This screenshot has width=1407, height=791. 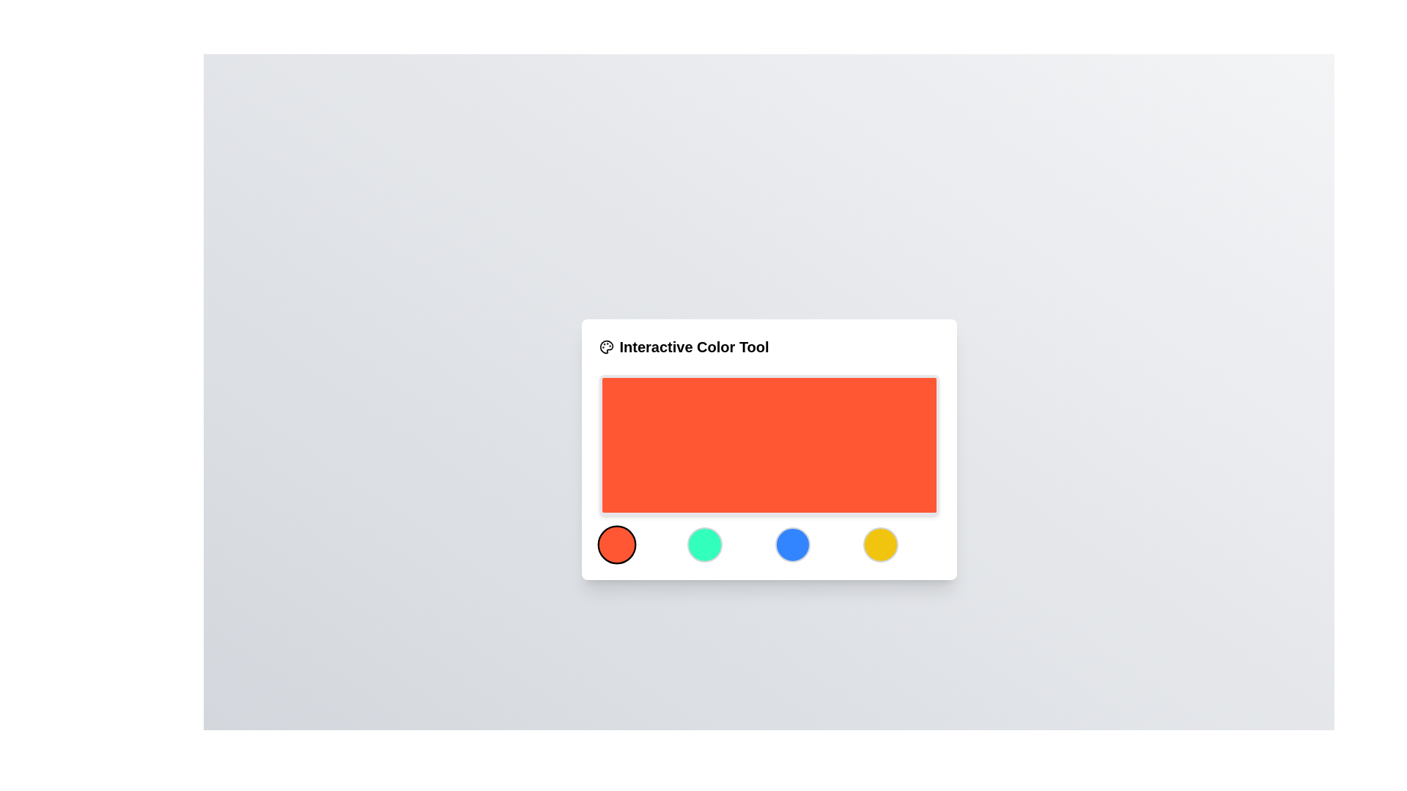 What do you see at coordinates (704, 545) in the screenshot?
I see `the second circular button in the interactive color selection tool` at bounding box center [704, 545].